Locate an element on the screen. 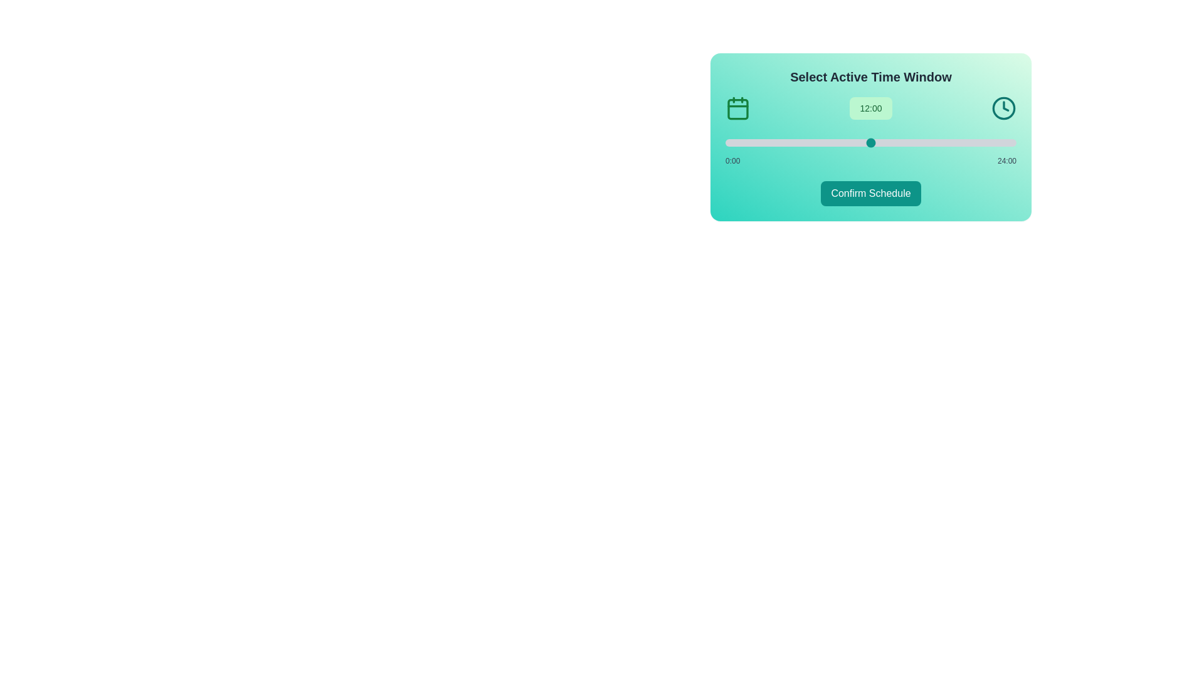 This screenshot has width=1204, height=677. the slider to set the time to 16 hours is located at coordinates (919, 142).